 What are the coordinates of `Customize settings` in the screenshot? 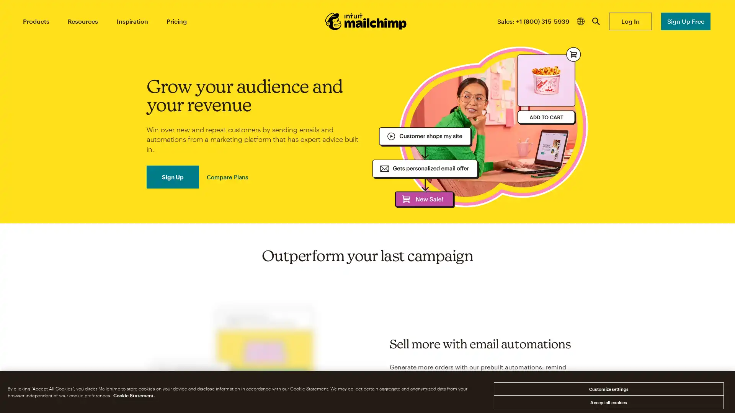 It's located at (608, 389).